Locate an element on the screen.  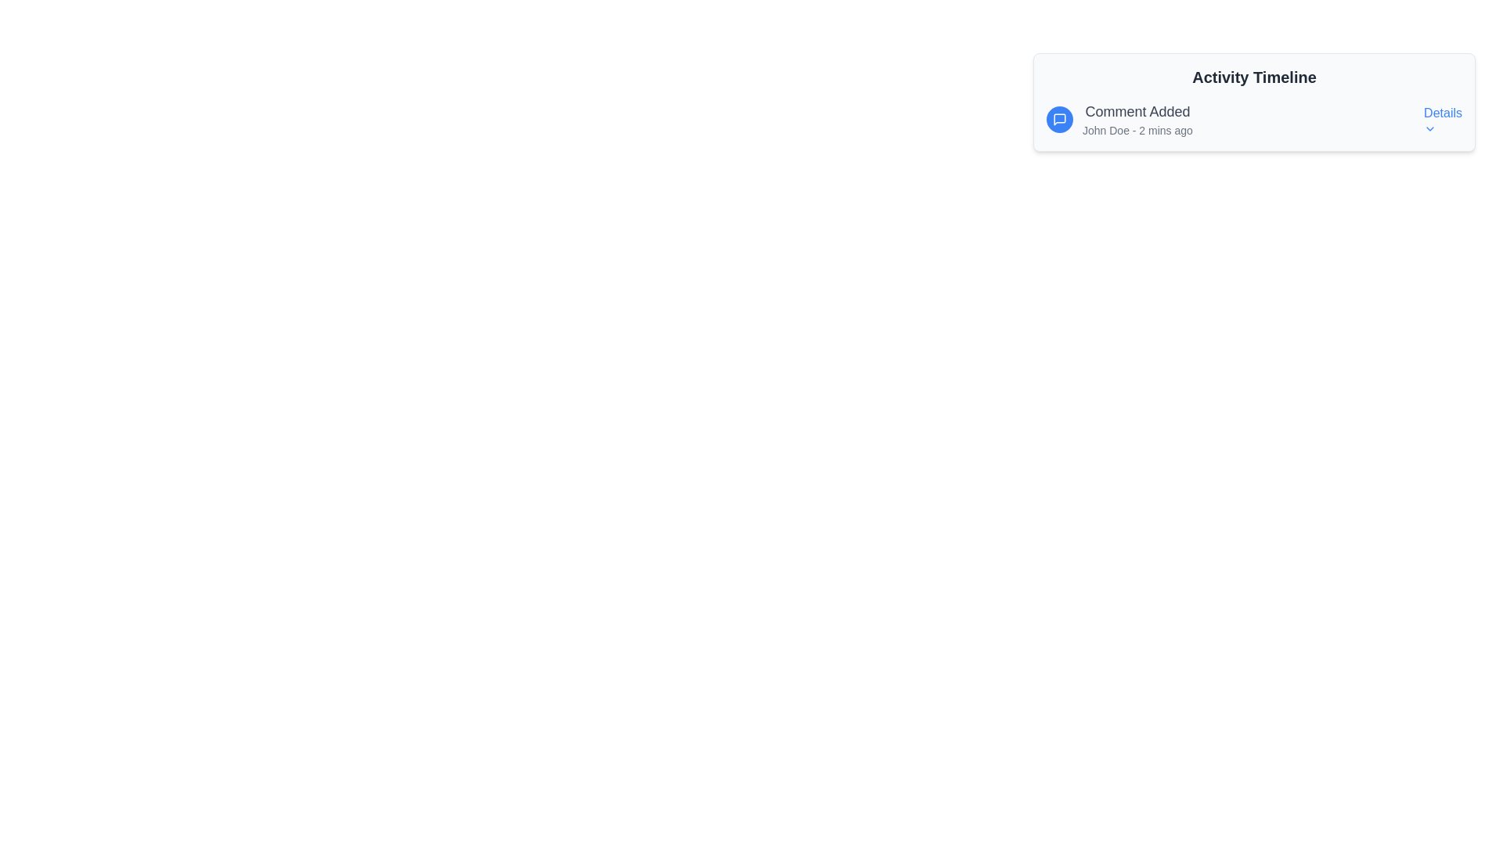
the text element displaying 'Comment Added' which is styled with a larger font size and positioned above 'John Doe - 2 mins ago' in the 'Activity Timeline' card section is located at coordinates (1137, 110).